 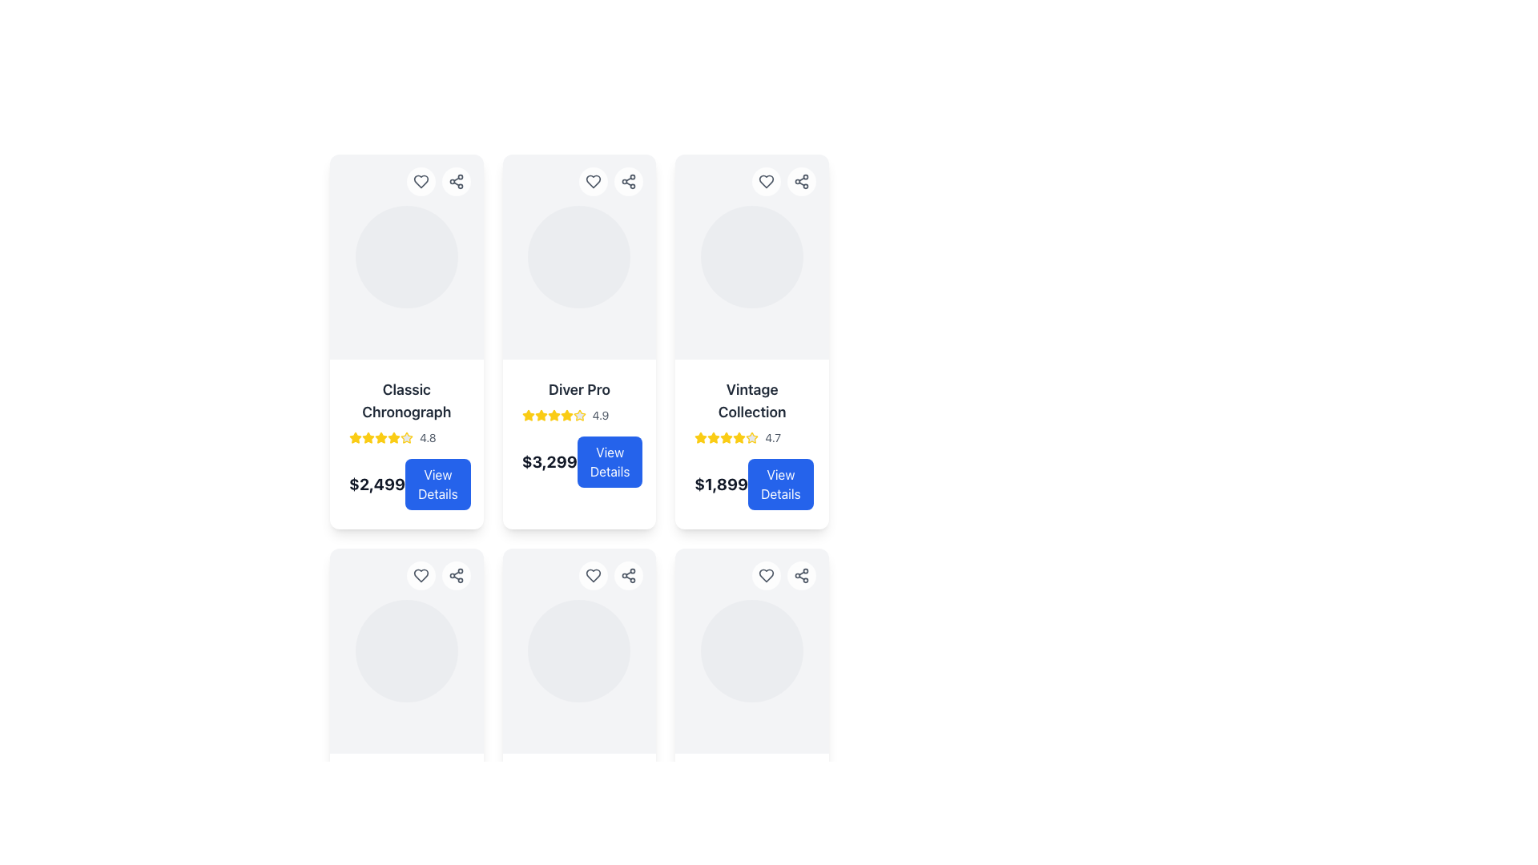 I want to click on the visual placeholder located at the center of the bottom-right card in the grid, indicating loading content, so click(x=751, y=651).